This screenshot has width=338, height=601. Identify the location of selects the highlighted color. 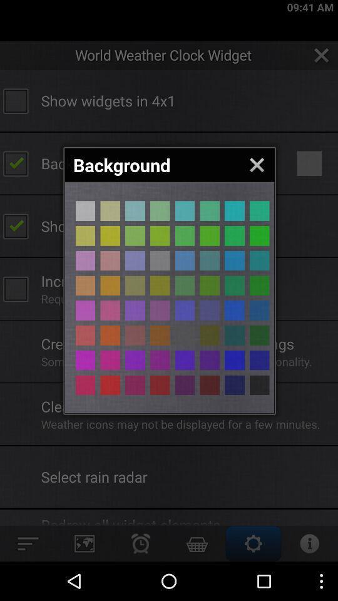
(135, 211).